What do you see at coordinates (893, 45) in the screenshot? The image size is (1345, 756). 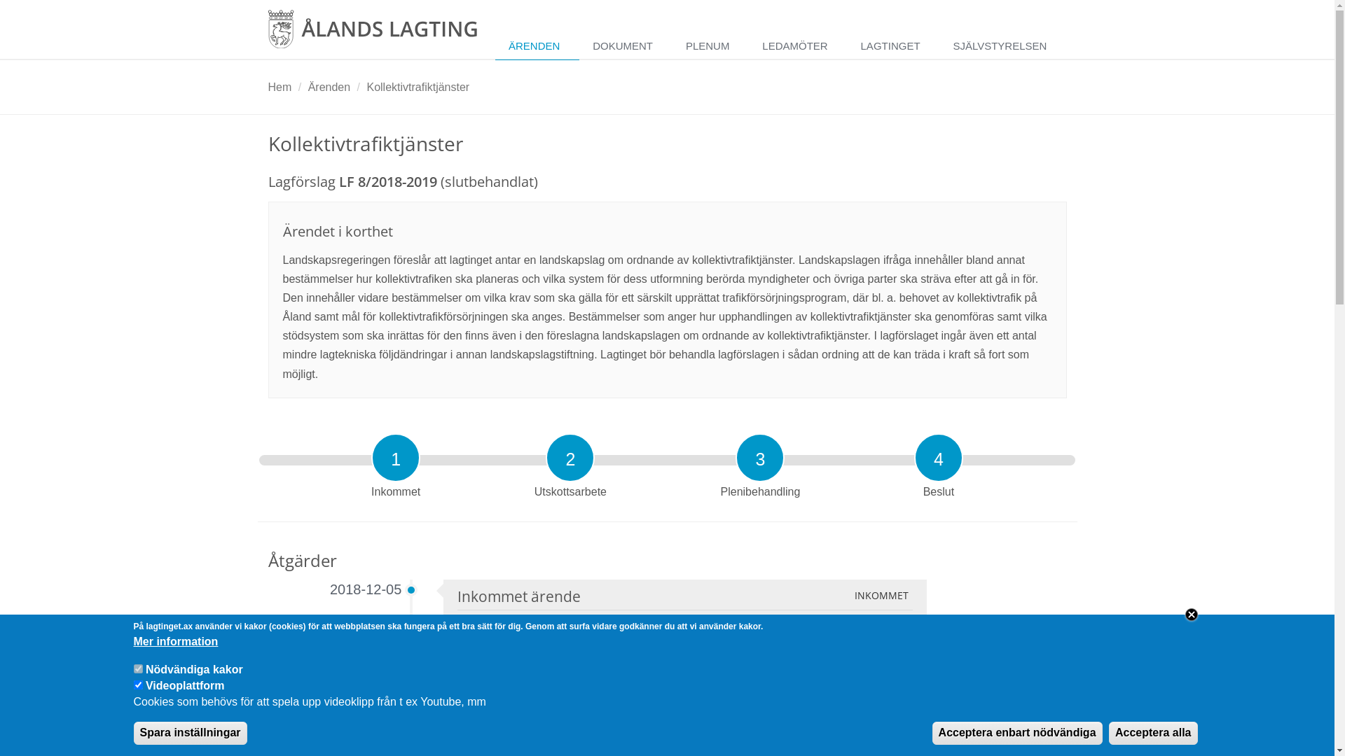 I see `'LAGTINGET'` at bounding box center [893, 45].